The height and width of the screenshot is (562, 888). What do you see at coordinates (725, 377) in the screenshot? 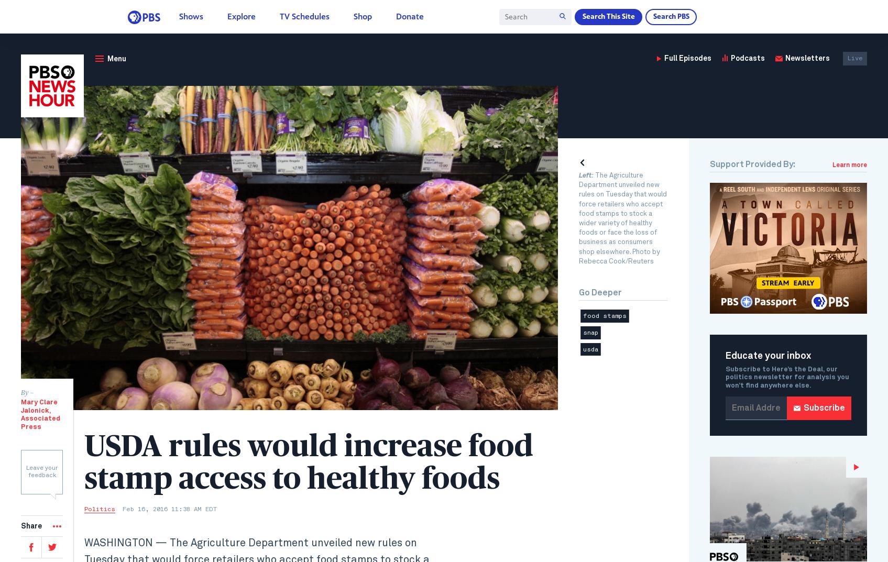
I see `'Subscribe to Here’s the Deal, our politics
                 newsletter for analysis you won’t find anywhere else.'` at bounding box center [725, 377].